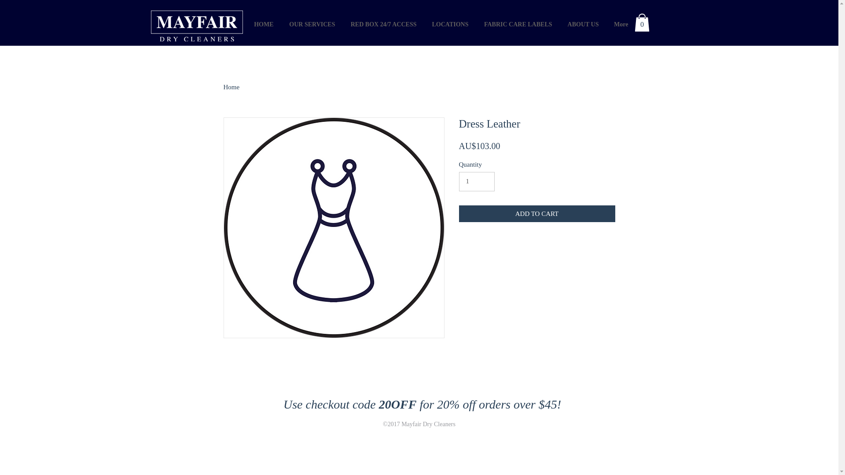  What do you see at coordinates (382, 24) in the screenshot?
I see `'RED BOX 24/7 ACCESS'` at bounding box center [382, 24].